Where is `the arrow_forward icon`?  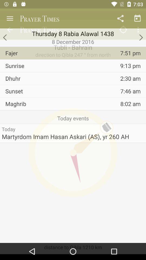 the arrow_forward icon is located at coordinates (141, 37).